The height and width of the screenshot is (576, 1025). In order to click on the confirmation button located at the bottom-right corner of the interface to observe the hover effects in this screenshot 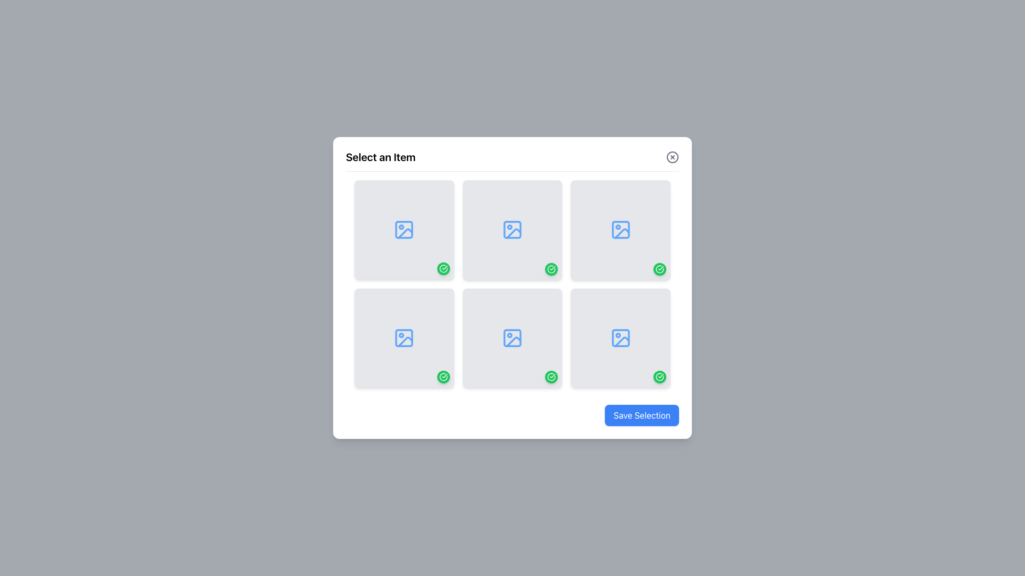, I will do `click(641, 415)`.